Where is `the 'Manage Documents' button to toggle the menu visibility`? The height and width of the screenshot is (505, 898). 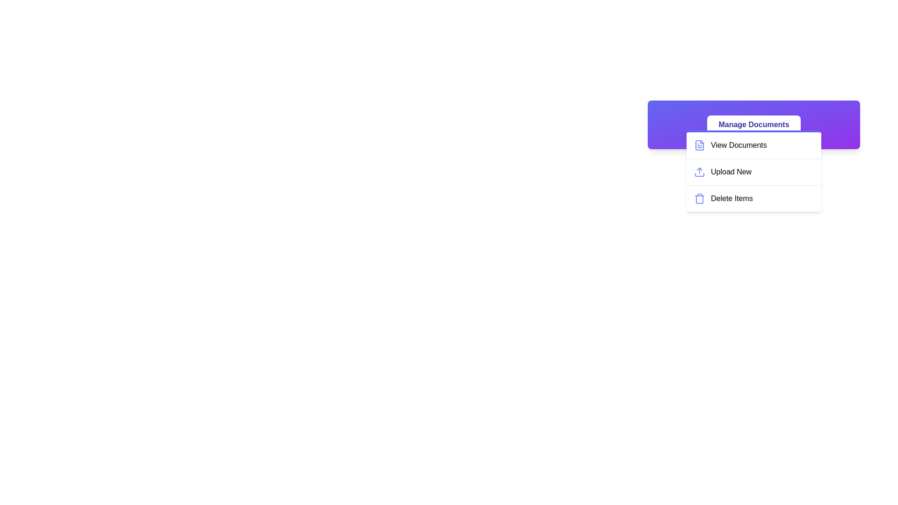 the 'Manage Documents' button to toggle the menu visibility is located at coordinates (754, 124).